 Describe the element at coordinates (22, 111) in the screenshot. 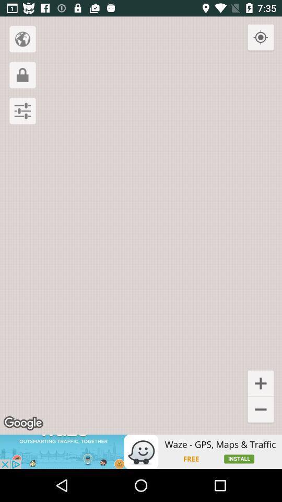

I see `the sliders icon` at that location.